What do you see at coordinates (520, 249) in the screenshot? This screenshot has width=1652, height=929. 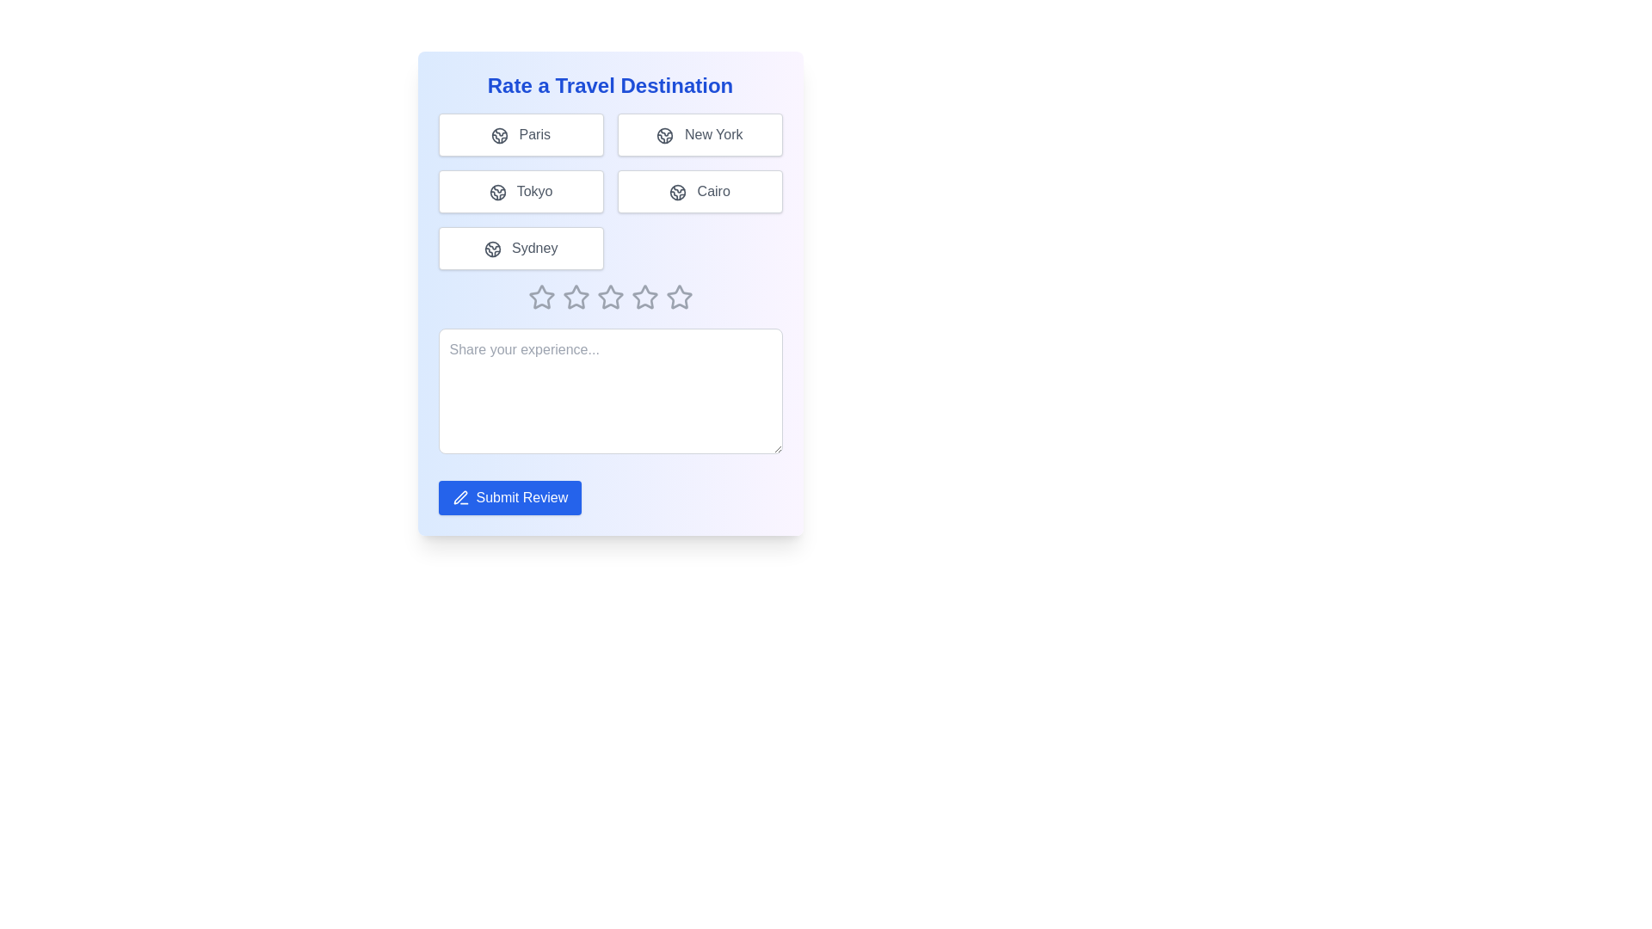 I see `the button that allows the user to select 'Sydney' as their travel destination choice, located as the fifth button in a two-column grid layout, below the 'Tokyo' button` at bounding box center [520, 249].